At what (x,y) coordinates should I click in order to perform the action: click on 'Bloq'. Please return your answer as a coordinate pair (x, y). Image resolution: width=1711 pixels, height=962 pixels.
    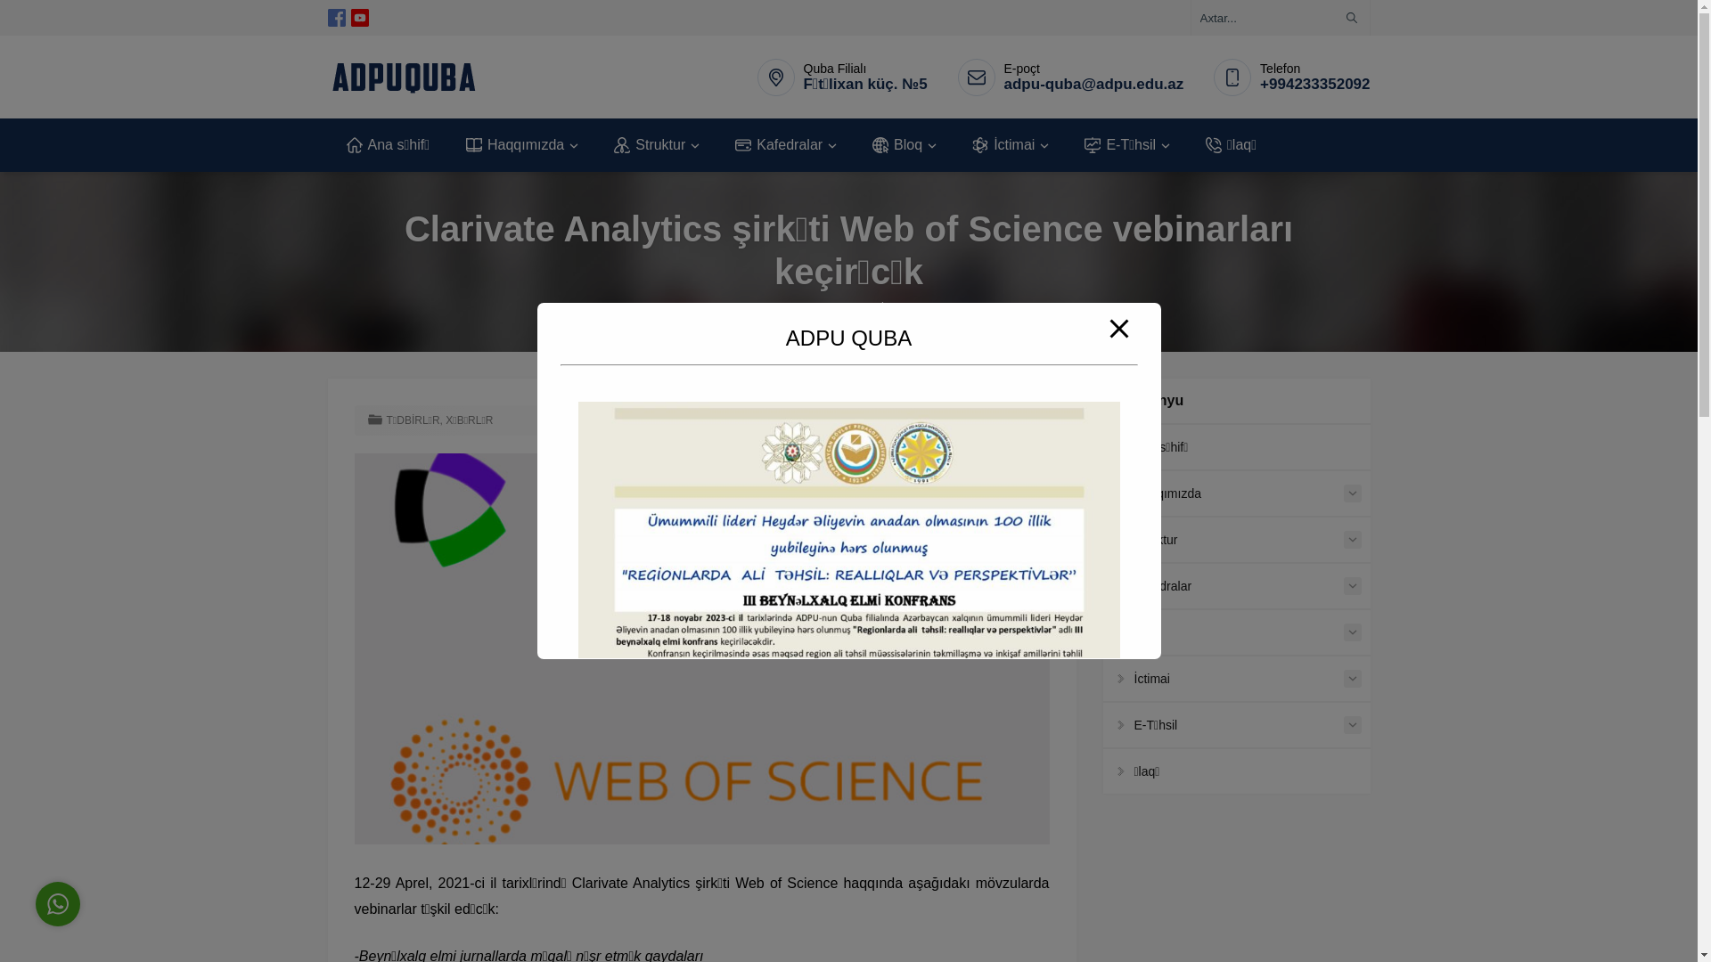
    Looking at the image, I should click on (903, 143).